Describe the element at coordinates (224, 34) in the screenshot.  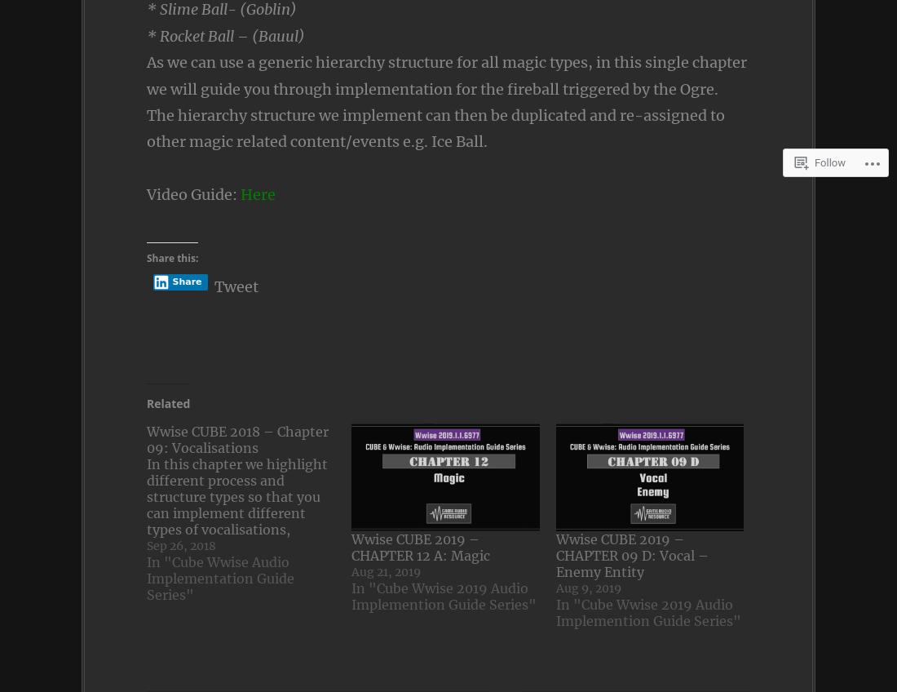
I see `'* Rocket Ball – (Bauul)'` at that location.